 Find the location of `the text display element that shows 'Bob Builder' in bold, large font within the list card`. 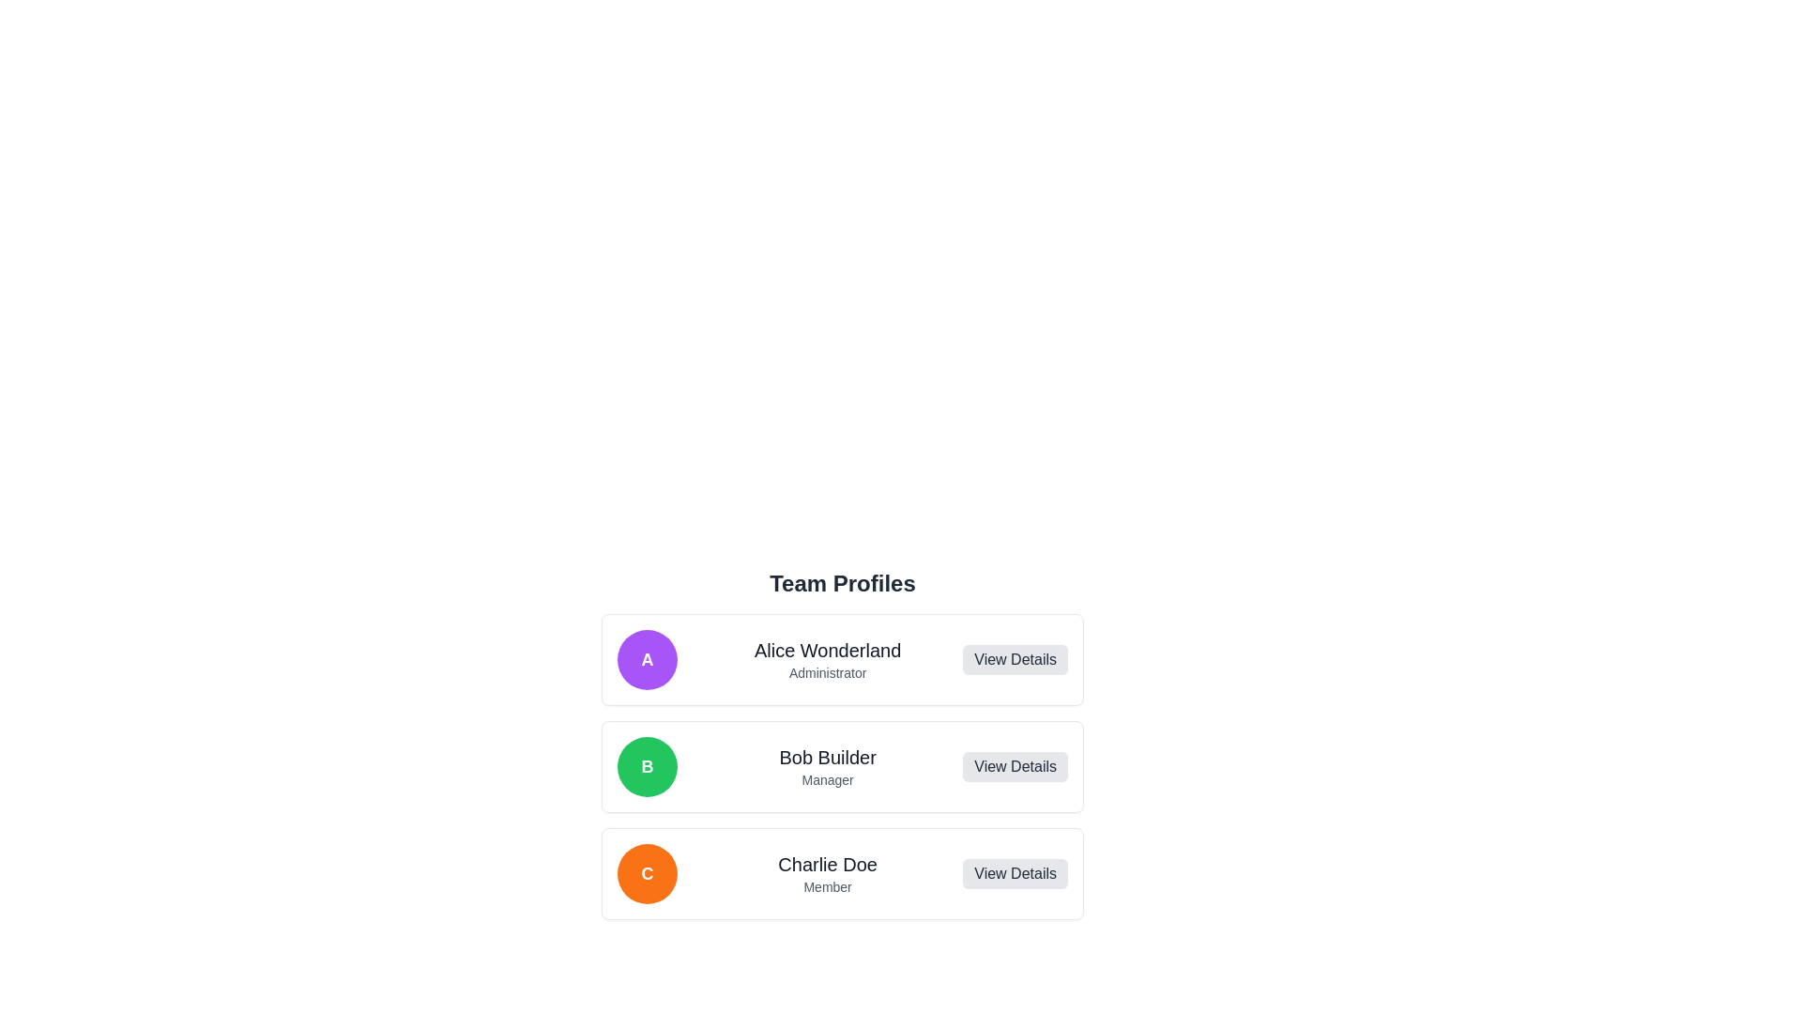

the text display element that shows 'Bob Builder' in bold, large font within the list card is located at coordinates (827, 756).